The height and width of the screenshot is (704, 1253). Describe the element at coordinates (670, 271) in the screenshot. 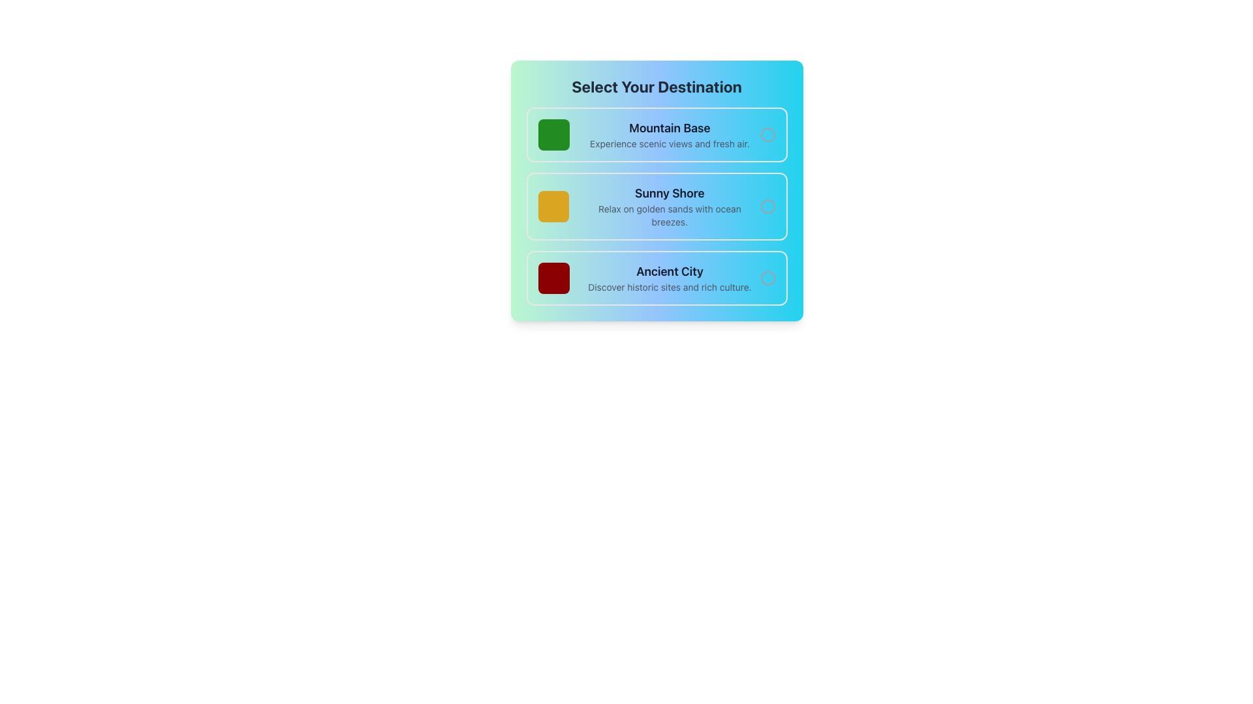

I see `the 'Ancient City' text label, which is displayed in a large, bold black font within the third selection card under 'Select Your Destination'` at that location.